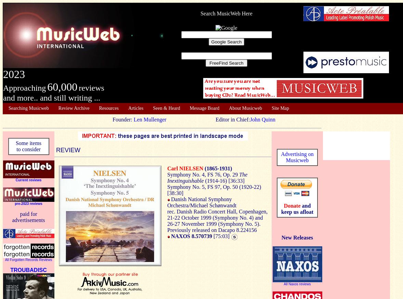 This screenshot has height=299, width=403. I want to click on 'Other 
                material', so click(22, 285).